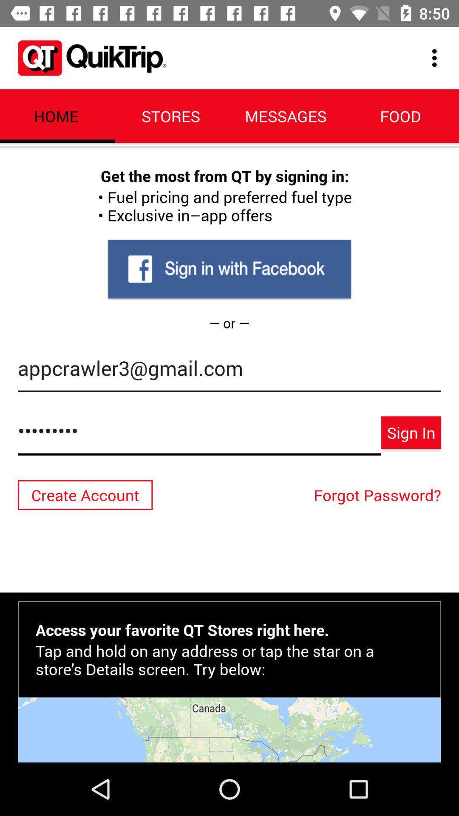 This screenshot has height=816, width=459. I want to click on icon above access your favorite, so click(379, 495).